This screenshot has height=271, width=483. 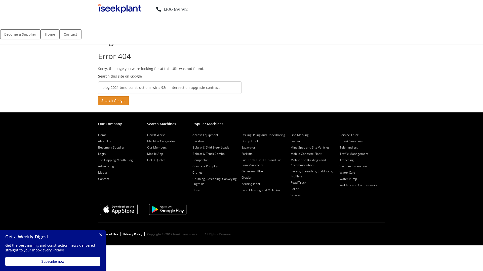 What do you see at coordinates (156, 134) in the screenshot?
I see `'How It Works'` at bounding box center [156, 134].